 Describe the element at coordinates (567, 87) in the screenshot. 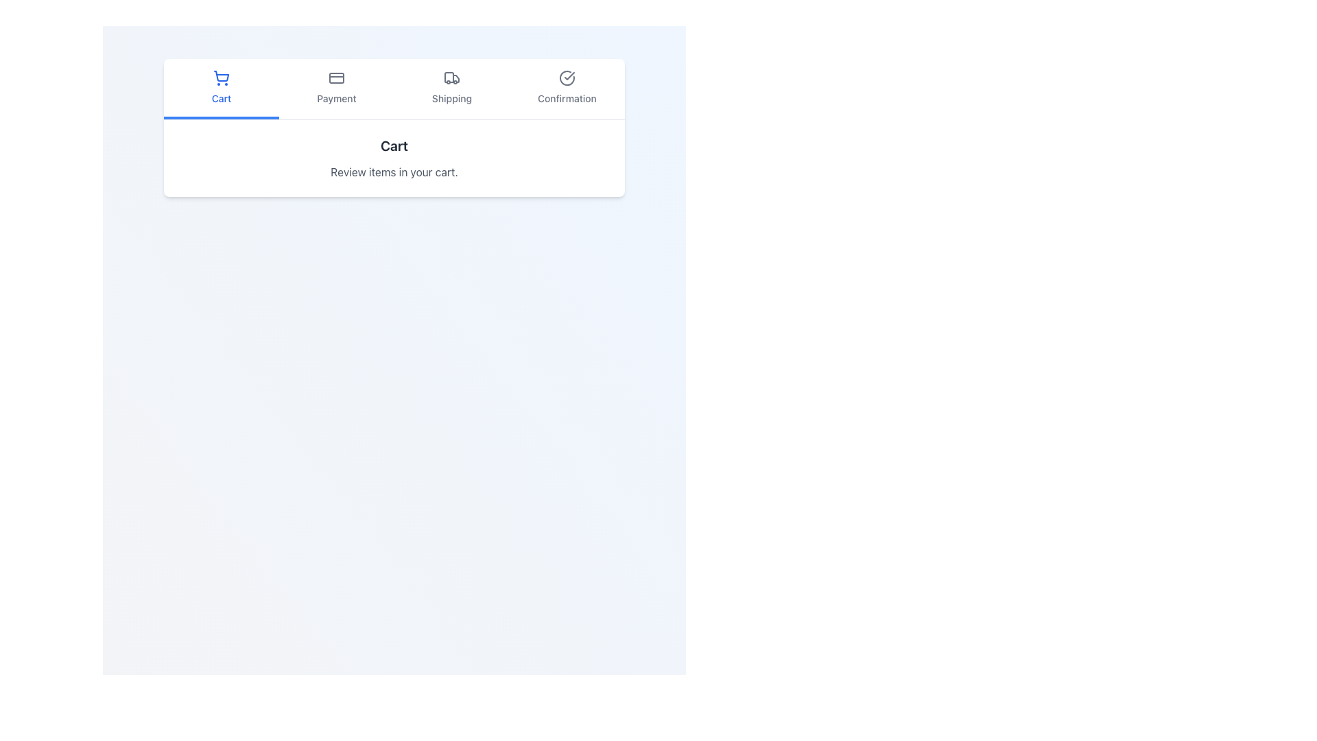

I see `the 'Confirmation' navigation button located in the top horizontal navigation bar, which is the fourth item from the left` at that location.